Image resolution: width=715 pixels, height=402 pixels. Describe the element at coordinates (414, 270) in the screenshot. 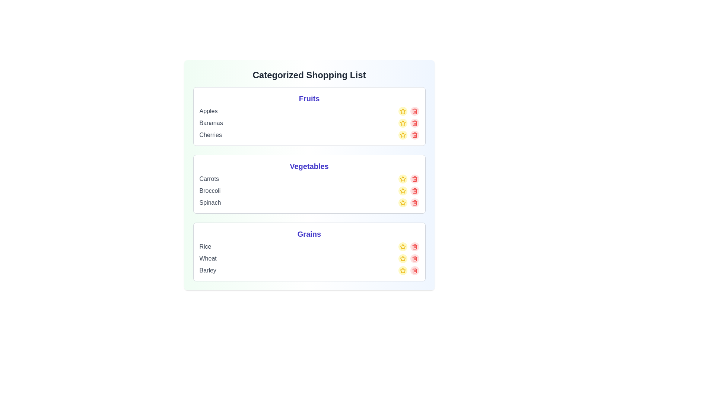

I see `the delete button for the item Barley` at that location.